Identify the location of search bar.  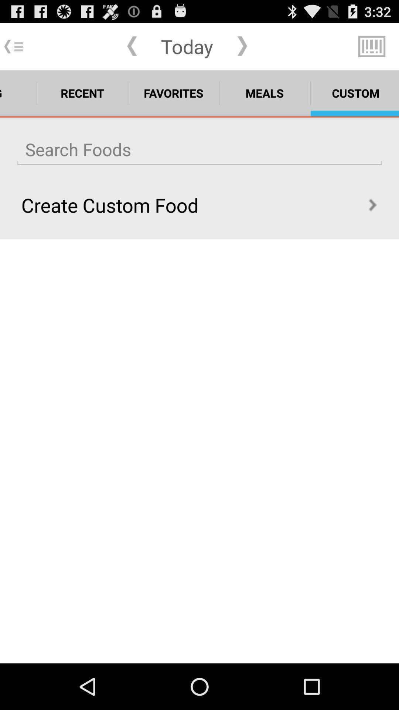
(199, 149).